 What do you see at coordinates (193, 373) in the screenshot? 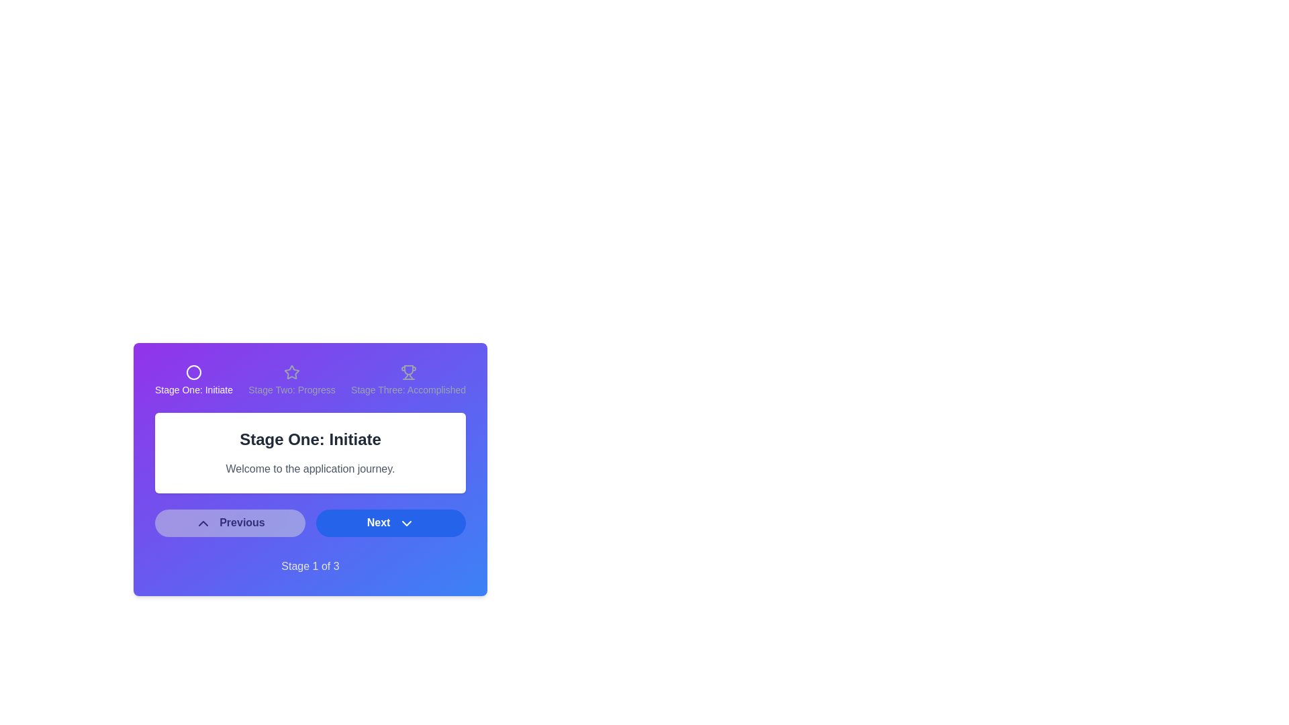
I see `the SVG circle representing 'Stage One: Initiate' in the top-left segment of the interface` at bounding box center [193, 373].